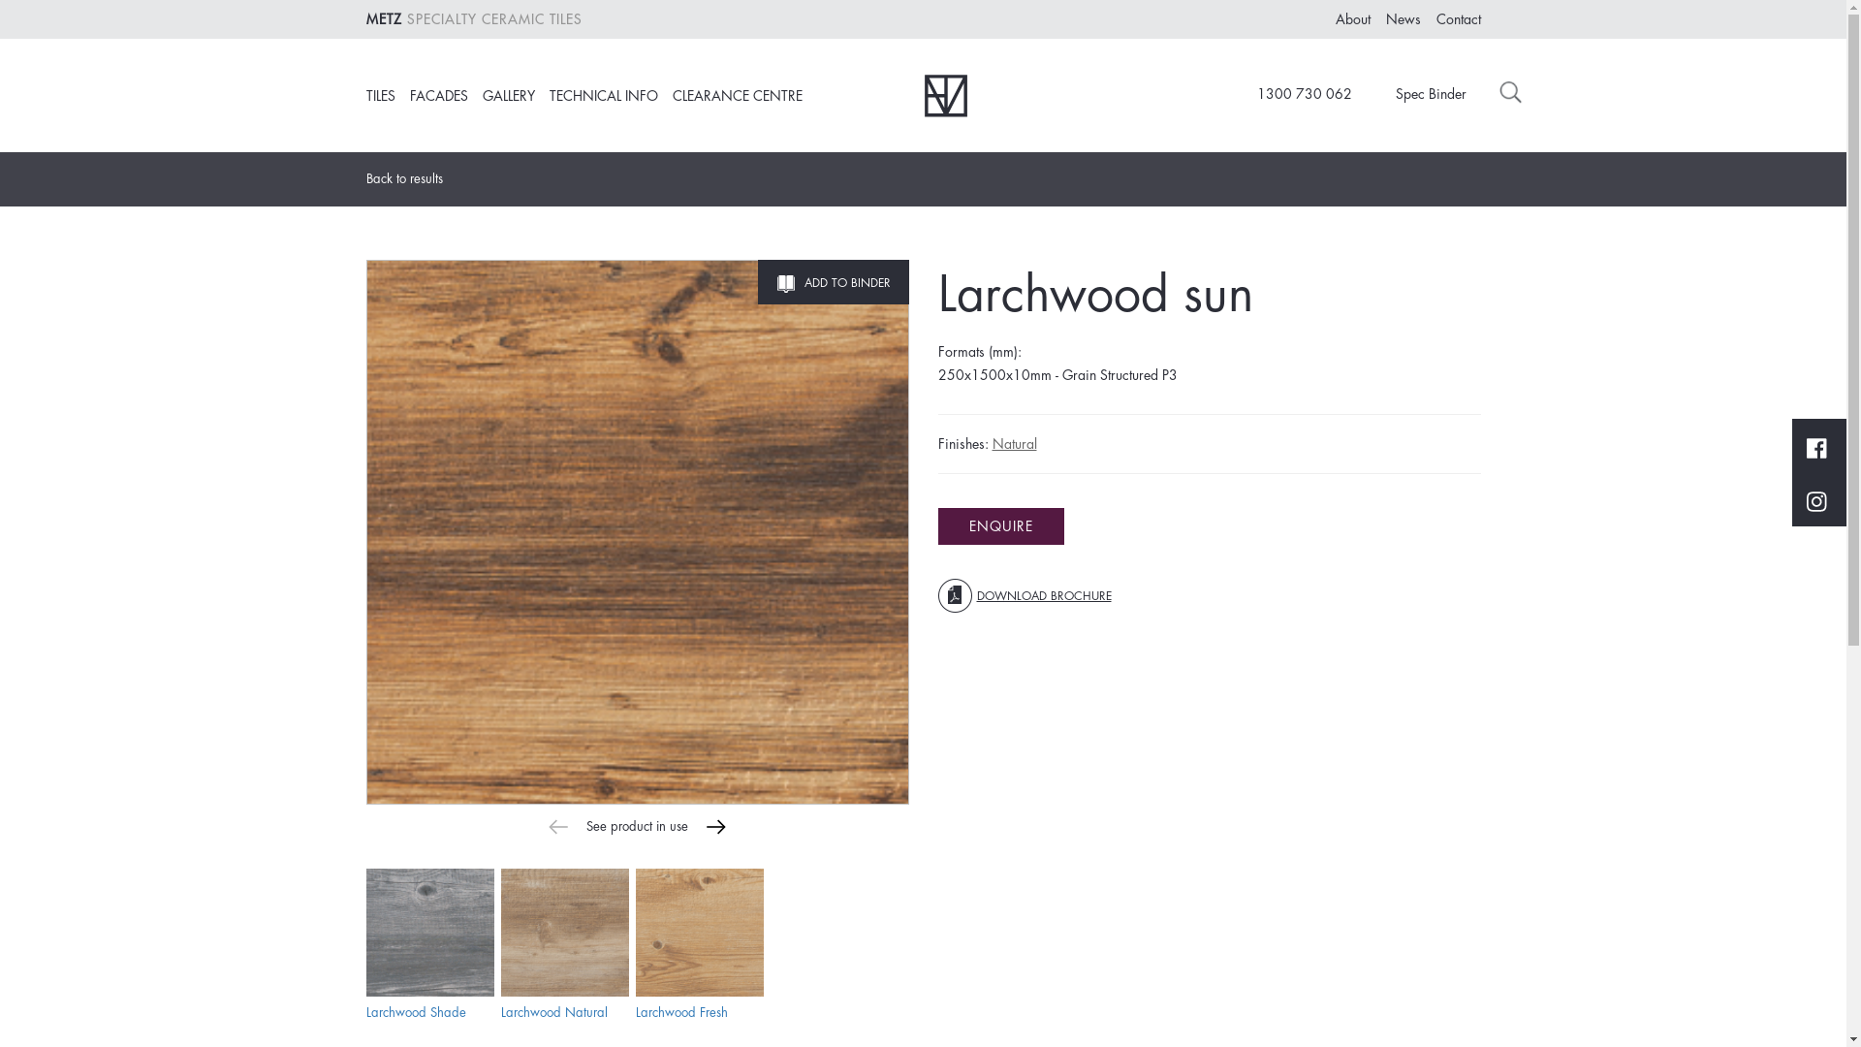  I want to click on 'Add To Binder', so click(833, 281).